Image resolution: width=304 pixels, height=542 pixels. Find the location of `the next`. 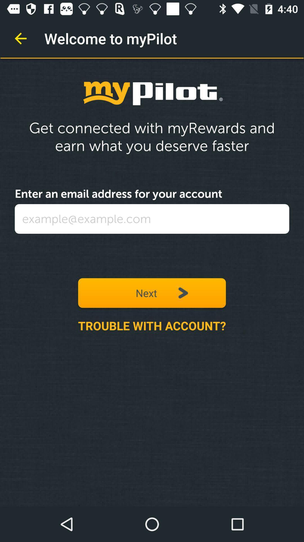

the next is located at coordinates (152, 293).